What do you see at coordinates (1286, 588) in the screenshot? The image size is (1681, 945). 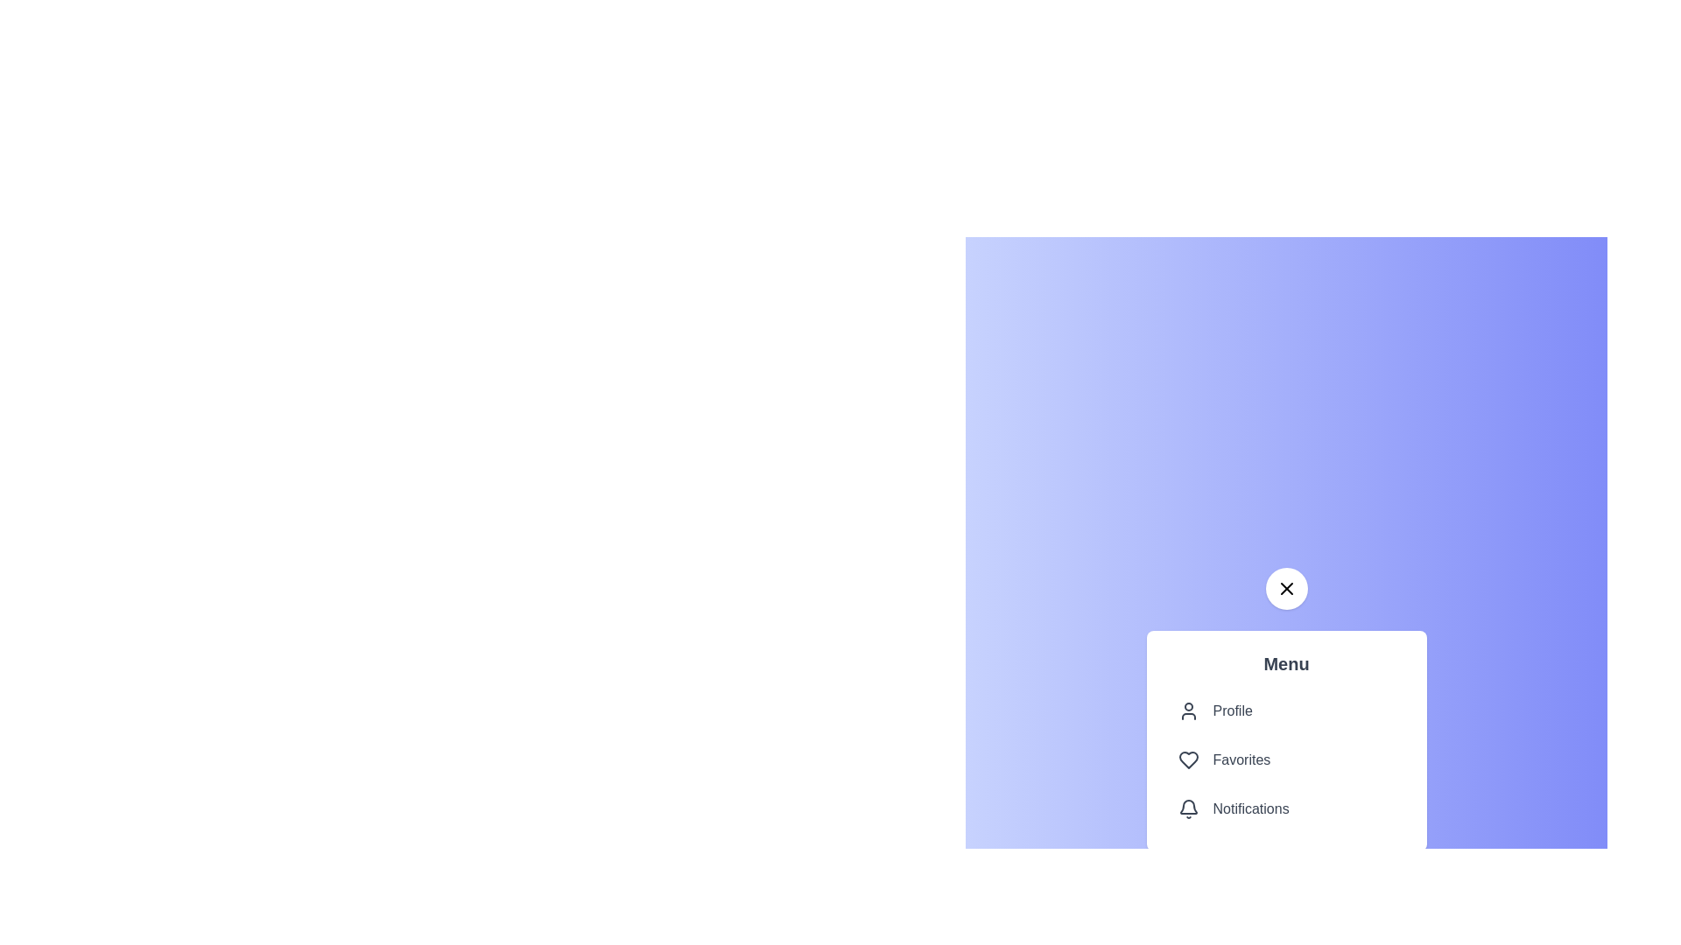 I see `the close button to toggle the menu visibility` at bounding box center [1286, 588].